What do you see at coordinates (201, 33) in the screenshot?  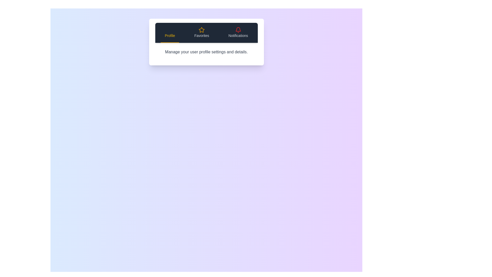 I see `the Favorites tab by clicking on its button` at bounding box center [201, 33].